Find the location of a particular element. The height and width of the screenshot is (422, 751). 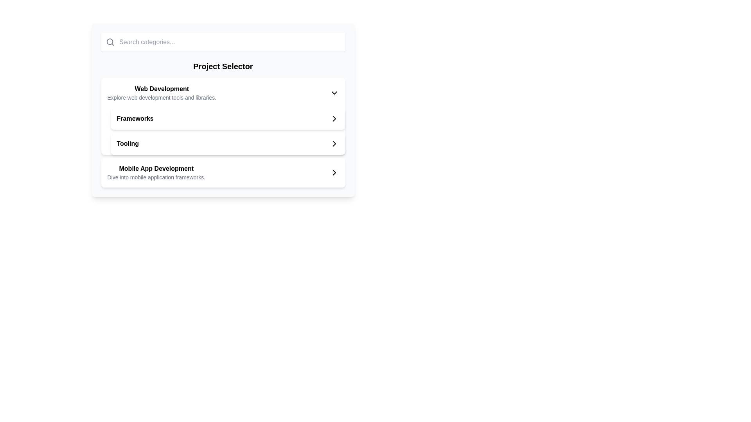

the informational text block titled 'Web Development' that contains the description 'Explore web development tools and libraries.' positioned centrally in the project selector panel is located at coordinates (161, 93).